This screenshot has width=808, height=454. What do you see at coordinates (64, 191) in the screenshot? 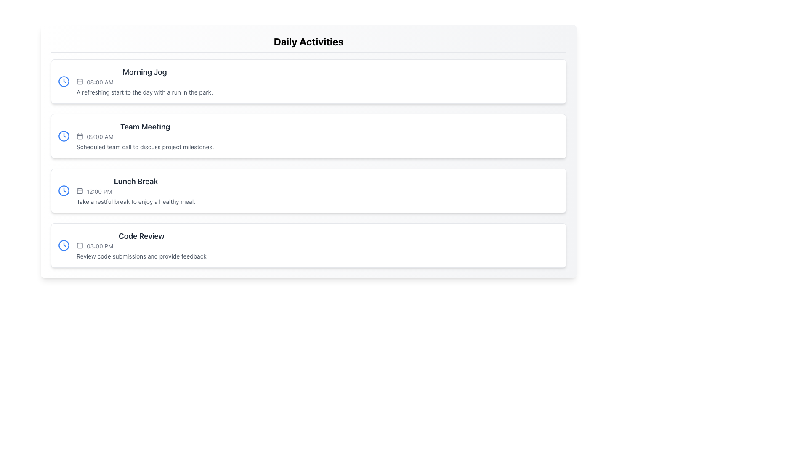
I see `the graphical icon indicating the concept of time located in the 'Lunch Break' section, positioned to the left of the 'Lunch Break' text` at bounding box center [64, 191].